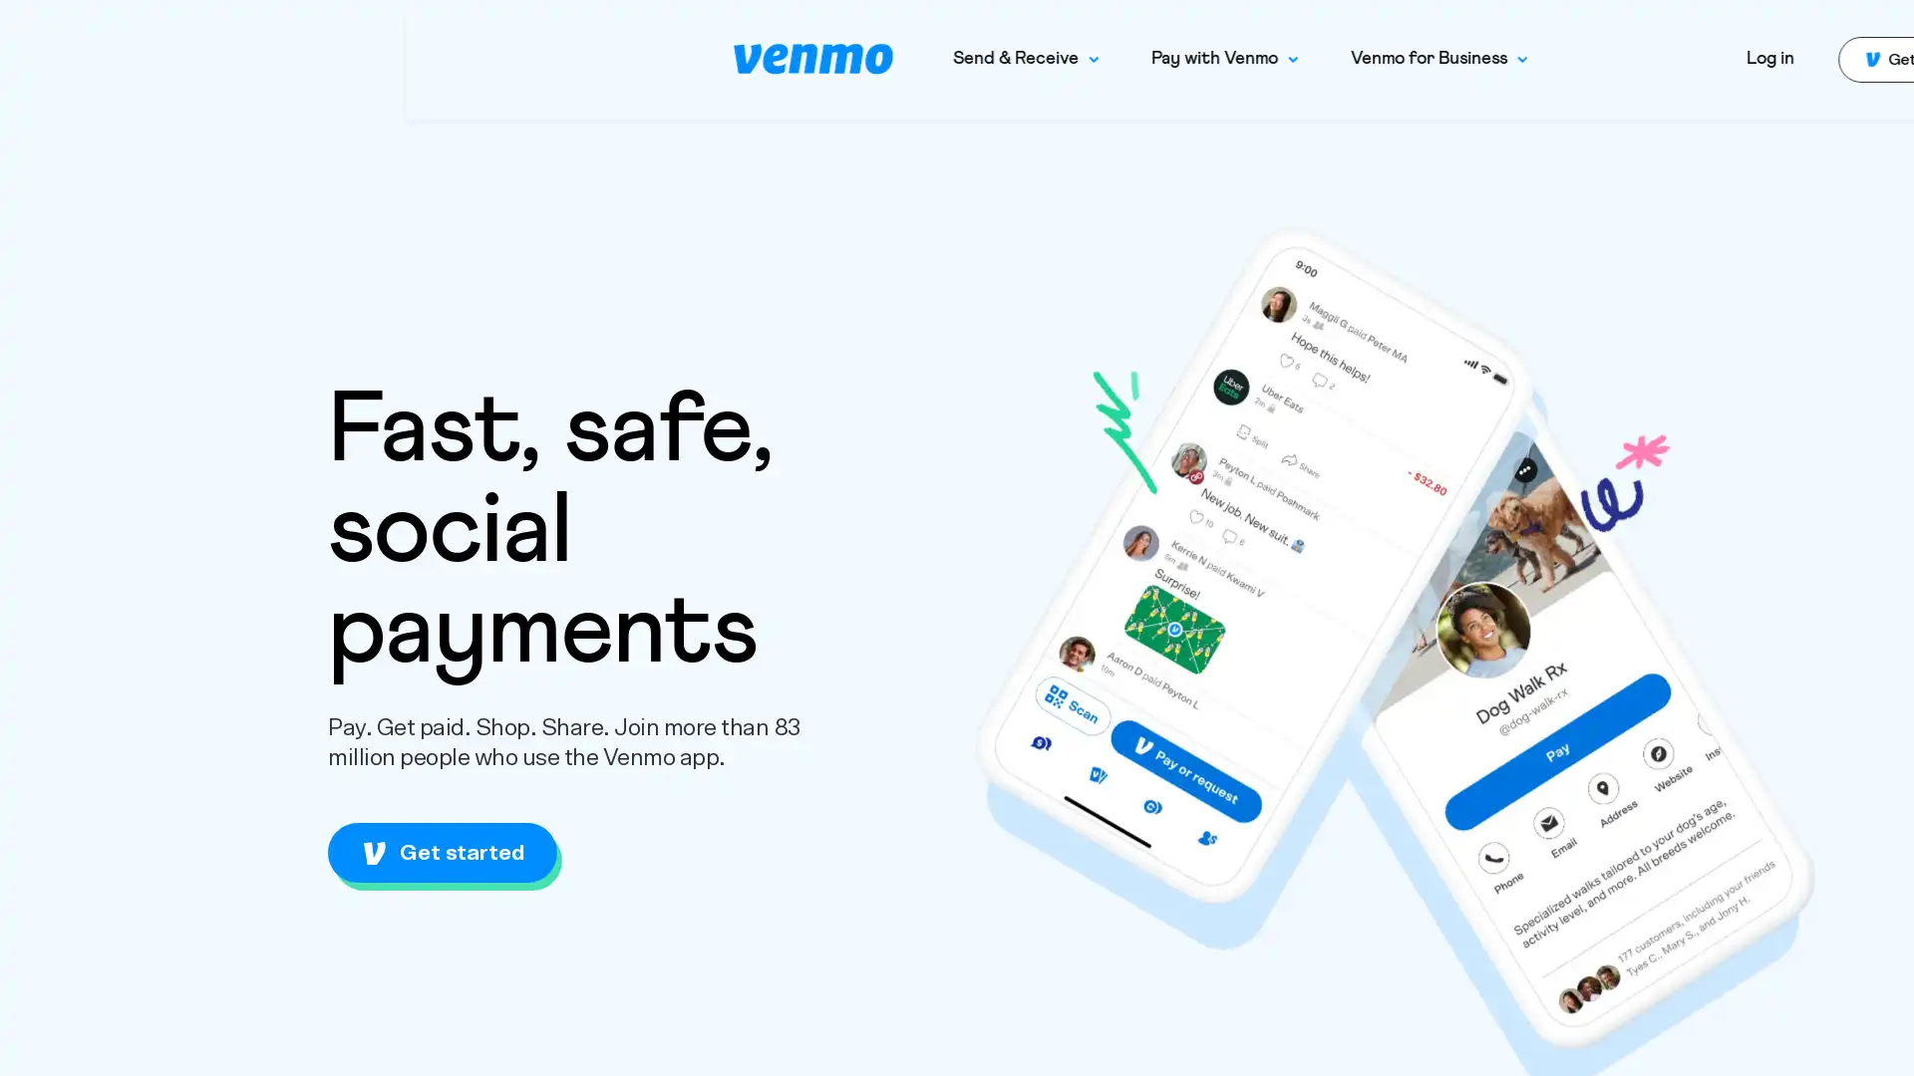 This screenshot has width=1914, height=1076. Describe the element at coordinates (818, 58) in the screenshot. I see `Pay with Venmo` at that location.